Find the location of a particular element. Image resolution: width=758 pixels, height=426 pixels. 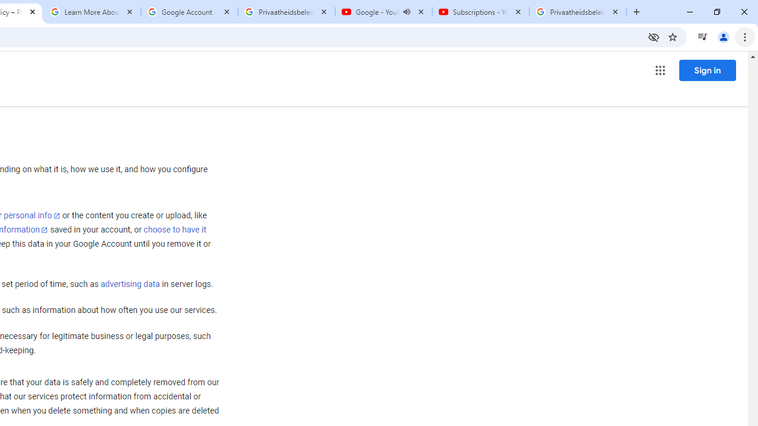

'Google - YouTube - Audio playing' is located at coordinates (383, 12).